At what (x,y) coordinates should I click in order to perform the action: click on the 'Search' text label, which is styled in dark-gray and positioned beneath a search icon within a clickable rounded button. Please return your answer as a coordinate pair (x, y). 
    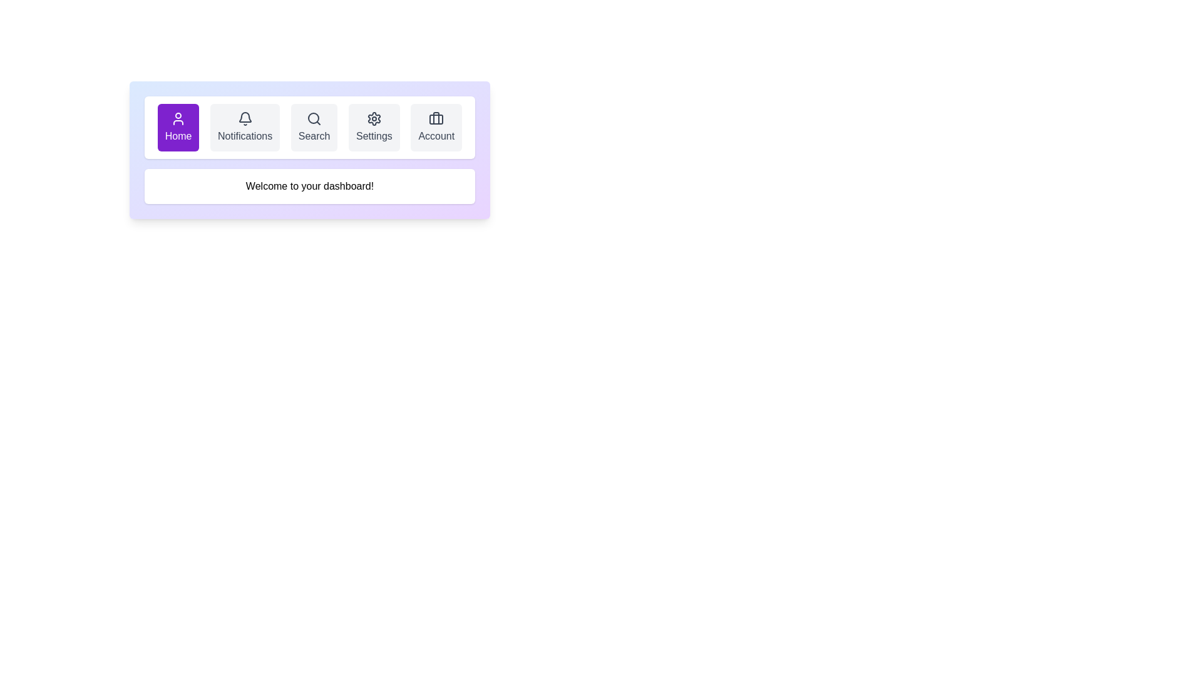
    Looking at the image, I should click on (314, 136).